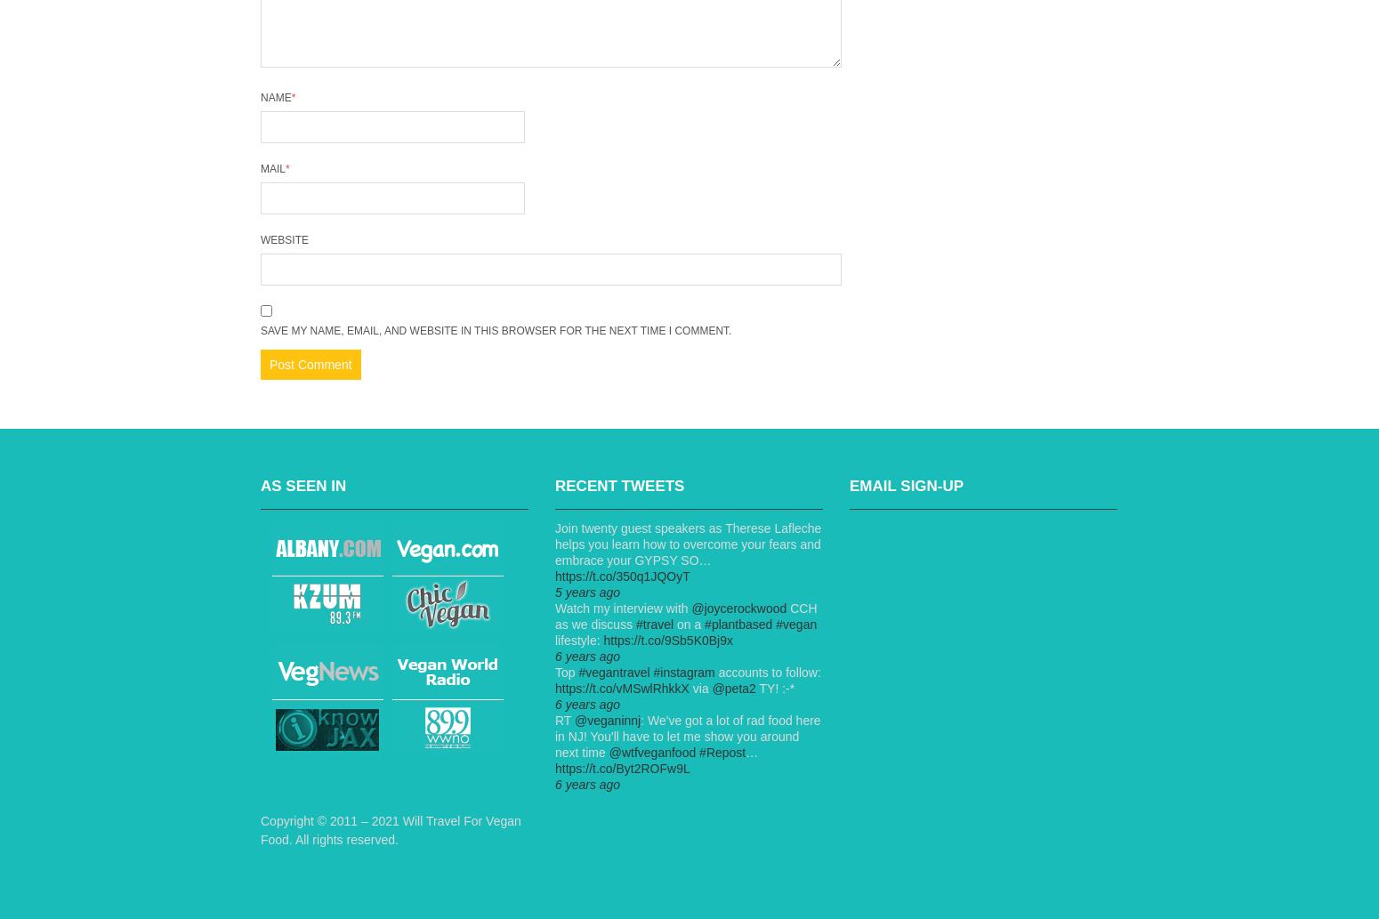  Describe the element at coordinates (698, 689) in the screenshot. I see `'via'` at that location.